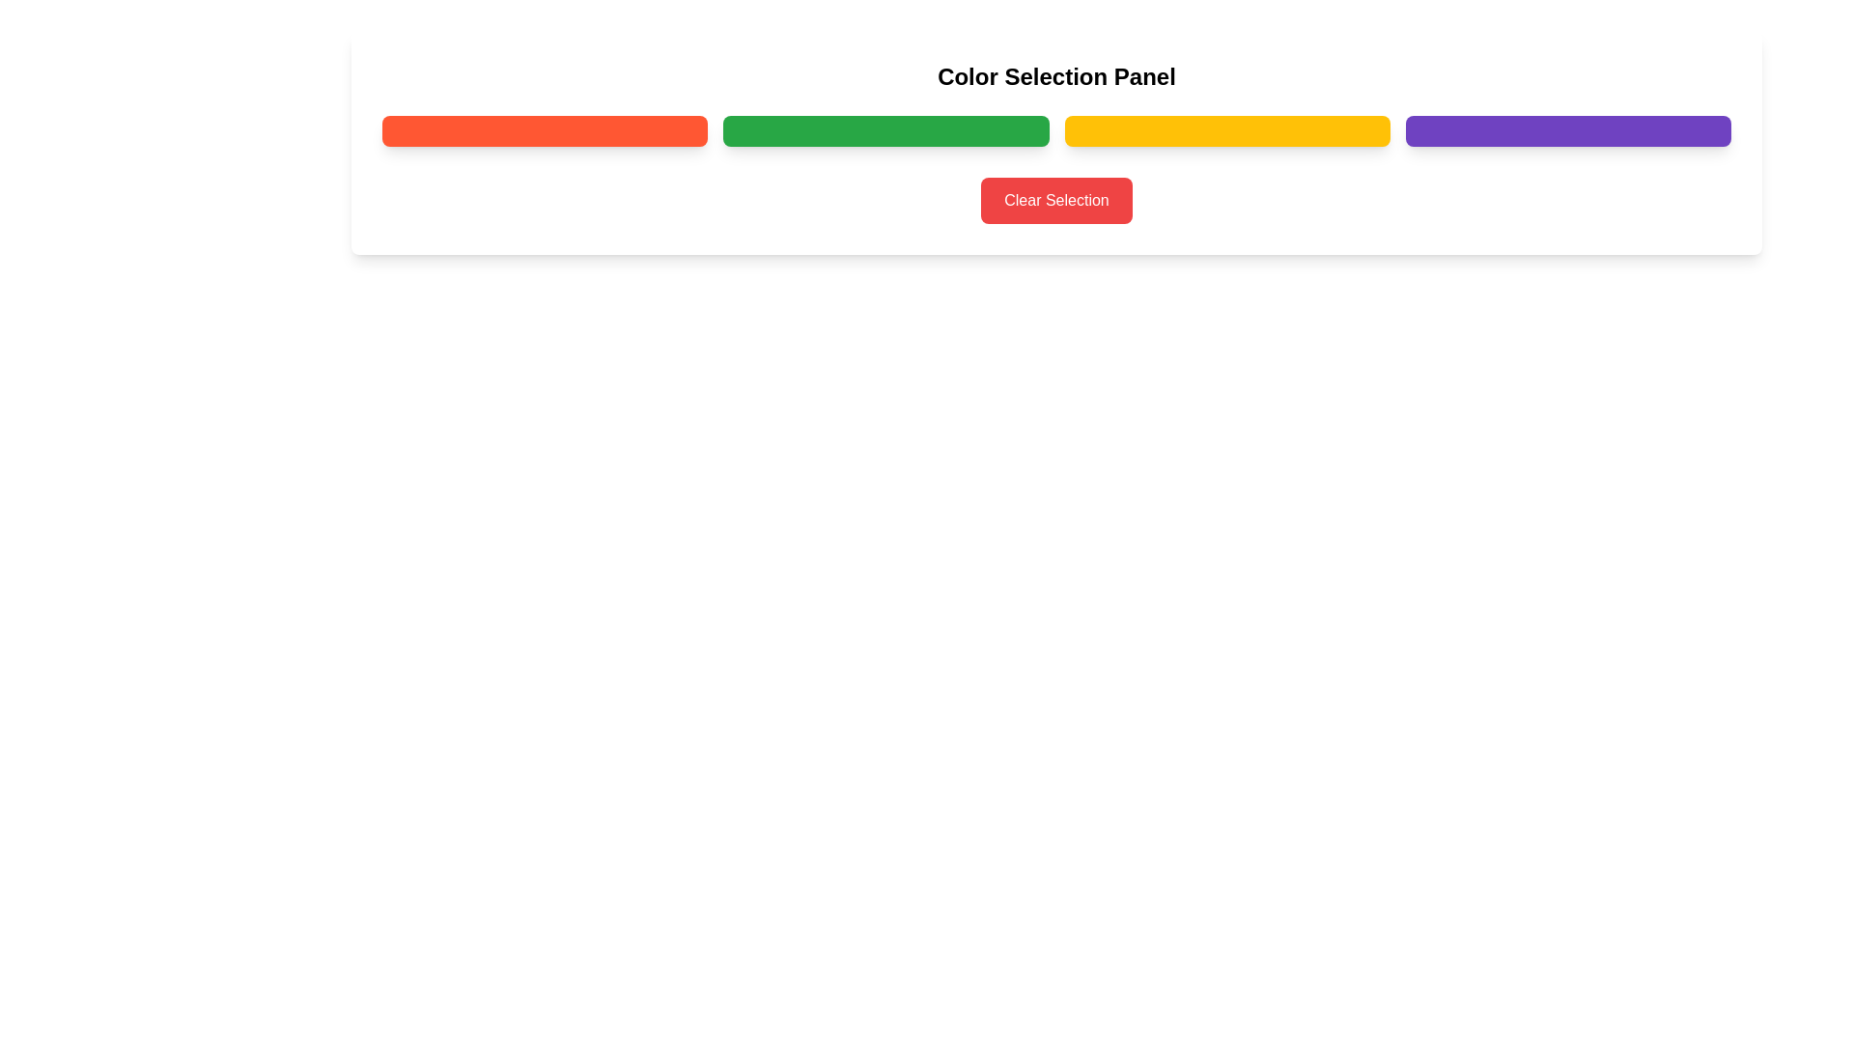 This screenshot has height=1043, width=1854. I want to click on the button located centrally below the colored boxes in the Color Selection Panel to clear the current selection, so click(1055, 201).